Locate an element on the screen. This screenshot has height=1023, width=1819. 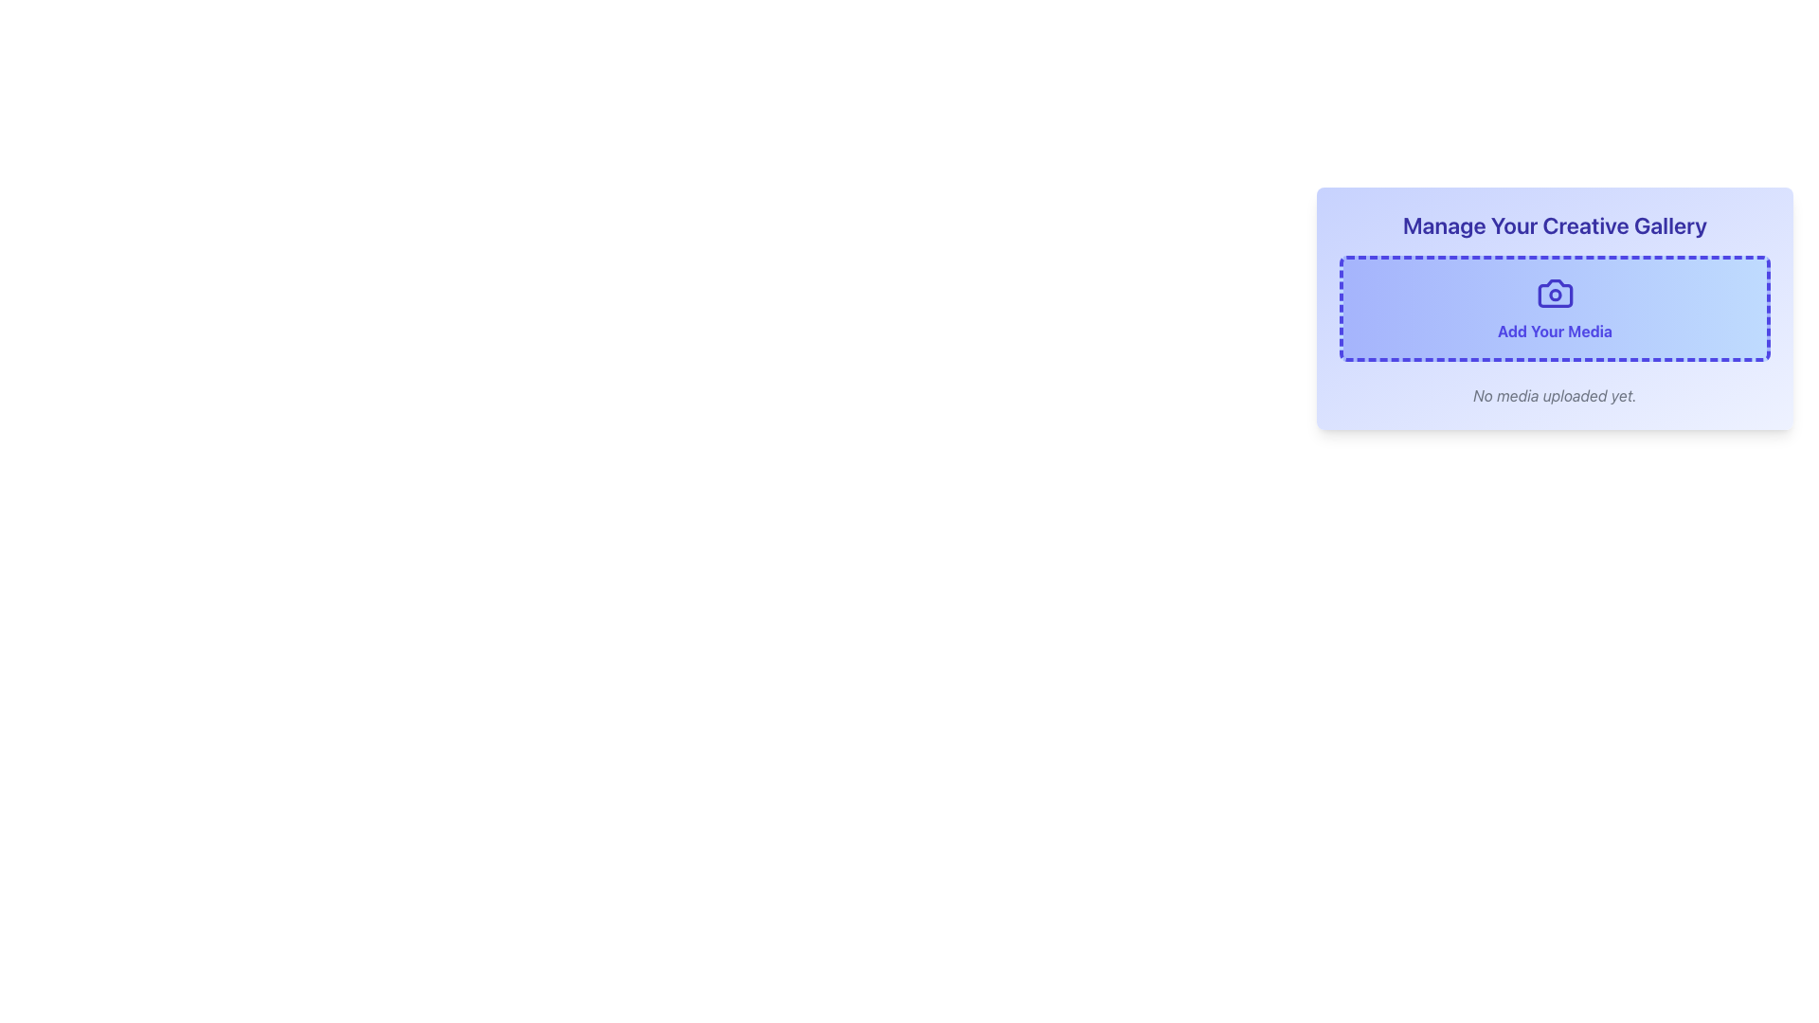
the camera icon located at the center of the 'Add Your Media' section, which indicates the ability to add or upload media content is located at coordinates (1555, 293).